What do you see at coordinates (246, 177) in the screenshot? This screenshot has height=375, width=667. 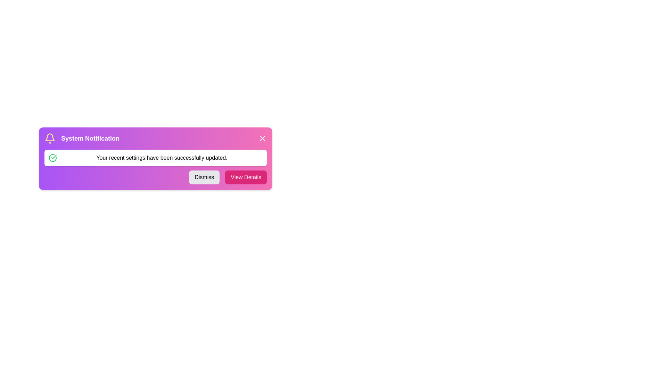 I see `the 'View Details' button to access more information` at bounding box center [246, 177].